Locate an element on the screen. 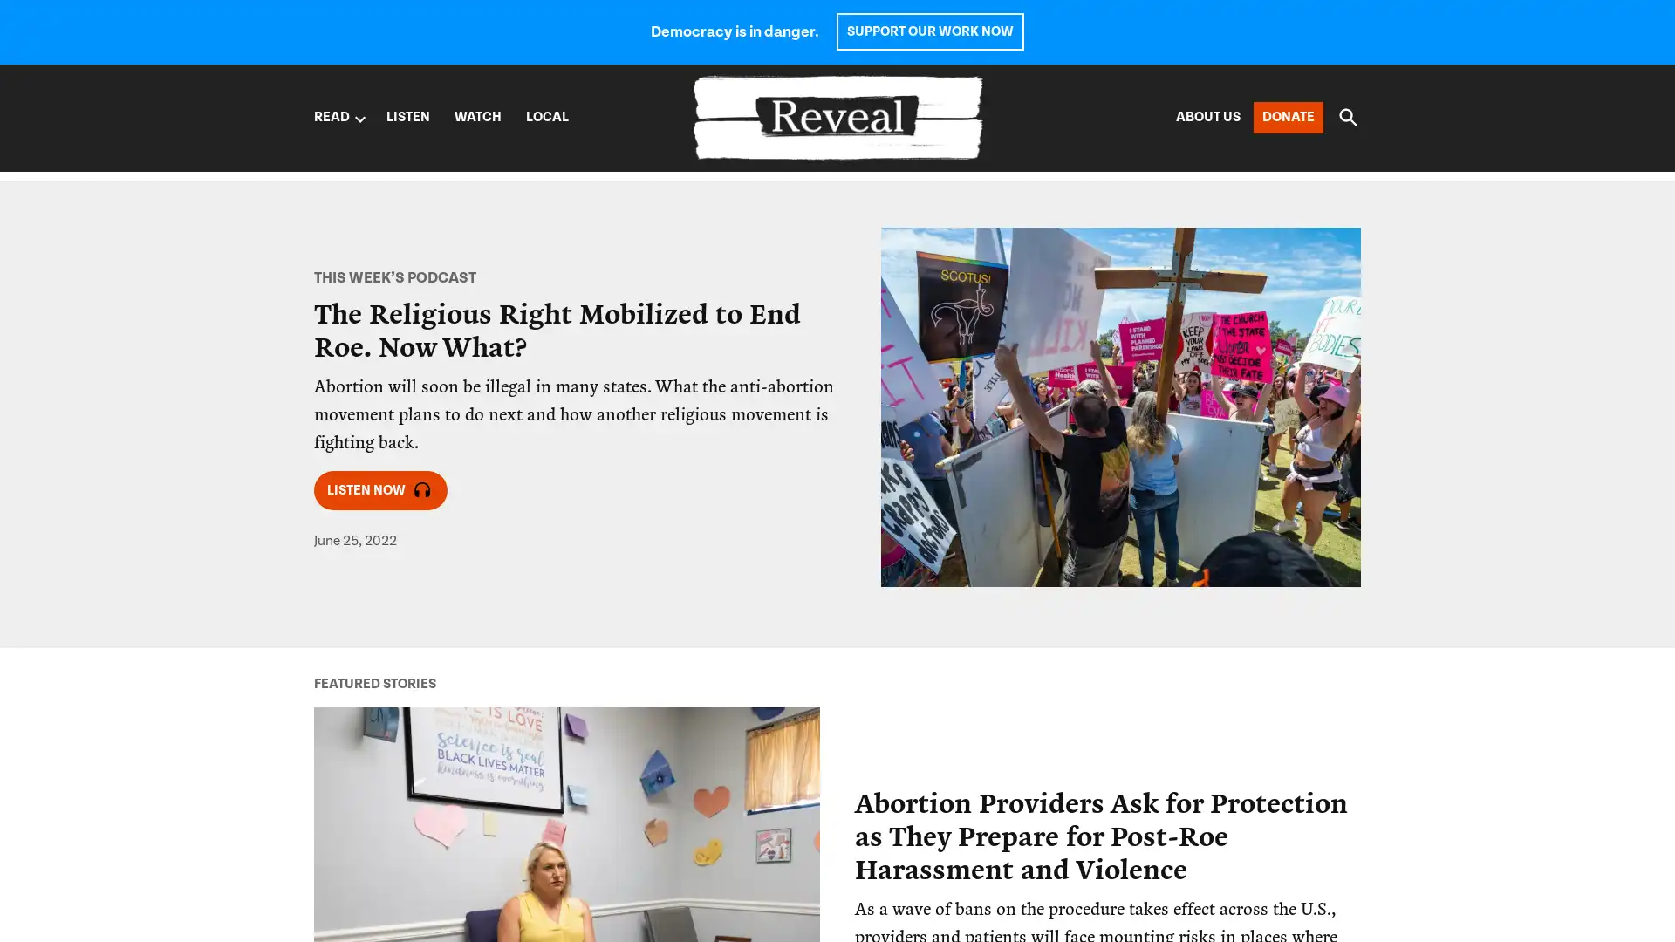 The height and width of the screenshot is (942, 1675). Close Pop-up is located at coordinates (1164, 555).